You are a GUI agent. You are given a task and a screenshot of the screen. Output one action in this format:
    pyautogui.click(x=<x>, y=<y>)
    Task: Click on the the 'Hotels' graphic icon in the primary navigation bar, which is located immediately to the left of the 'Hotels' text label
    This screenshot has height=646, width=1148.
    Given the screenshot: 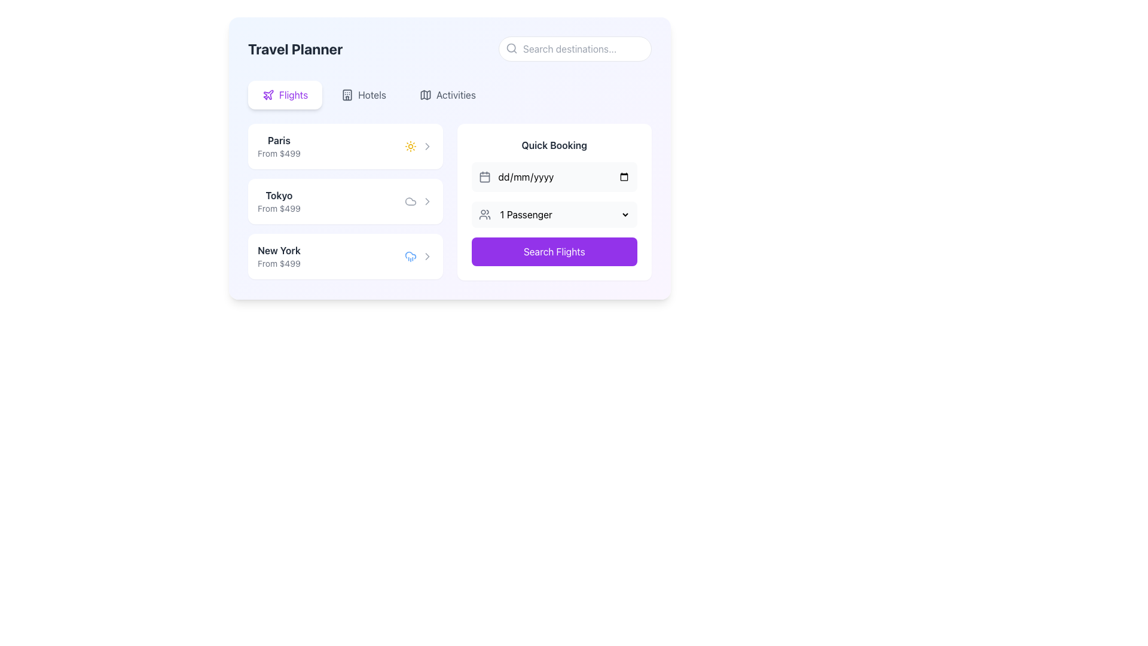 What is the action you would take?
    pyautogui.click(x=347, y=94)
    